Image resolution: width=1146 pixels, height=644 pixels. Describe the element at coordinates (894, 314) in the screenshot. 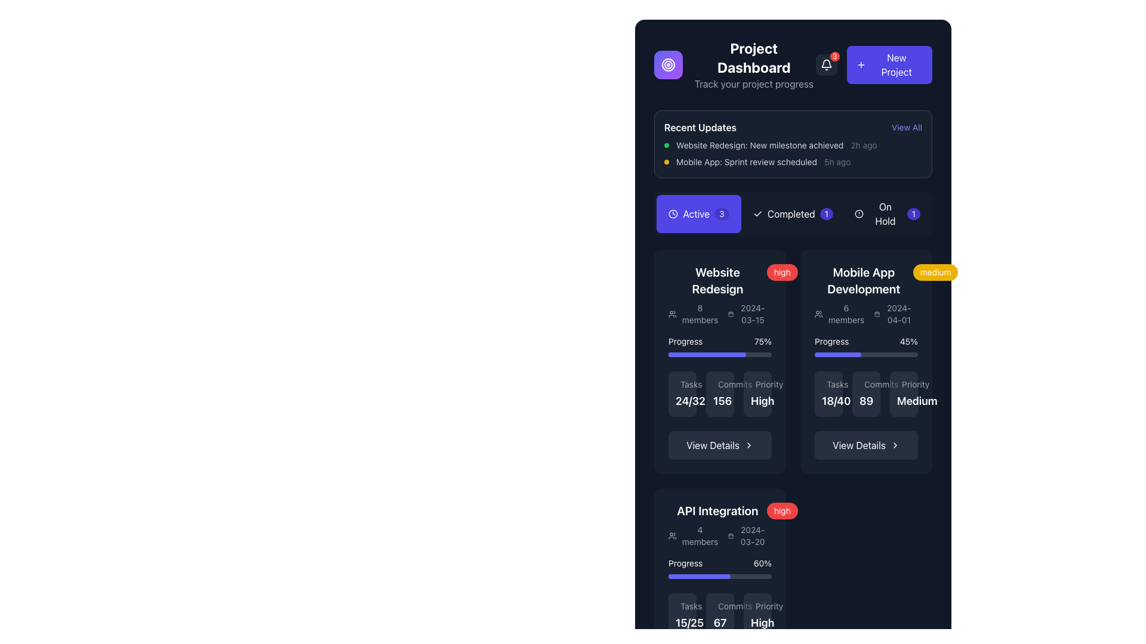

I see `or interpret the calendar icon located next to the date text '2024-04-01'` at that location.